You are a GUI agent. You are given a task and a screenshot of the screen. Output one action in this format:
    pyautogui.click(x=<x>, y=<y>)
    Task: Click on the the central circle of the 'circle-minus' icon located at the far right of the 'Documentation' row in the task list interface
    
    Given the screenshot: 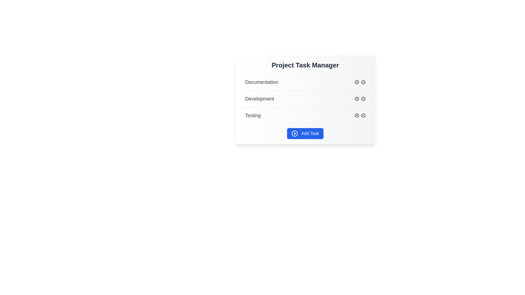 What is the action you would take?
    pyautogui.click(x=363, y=82)
    